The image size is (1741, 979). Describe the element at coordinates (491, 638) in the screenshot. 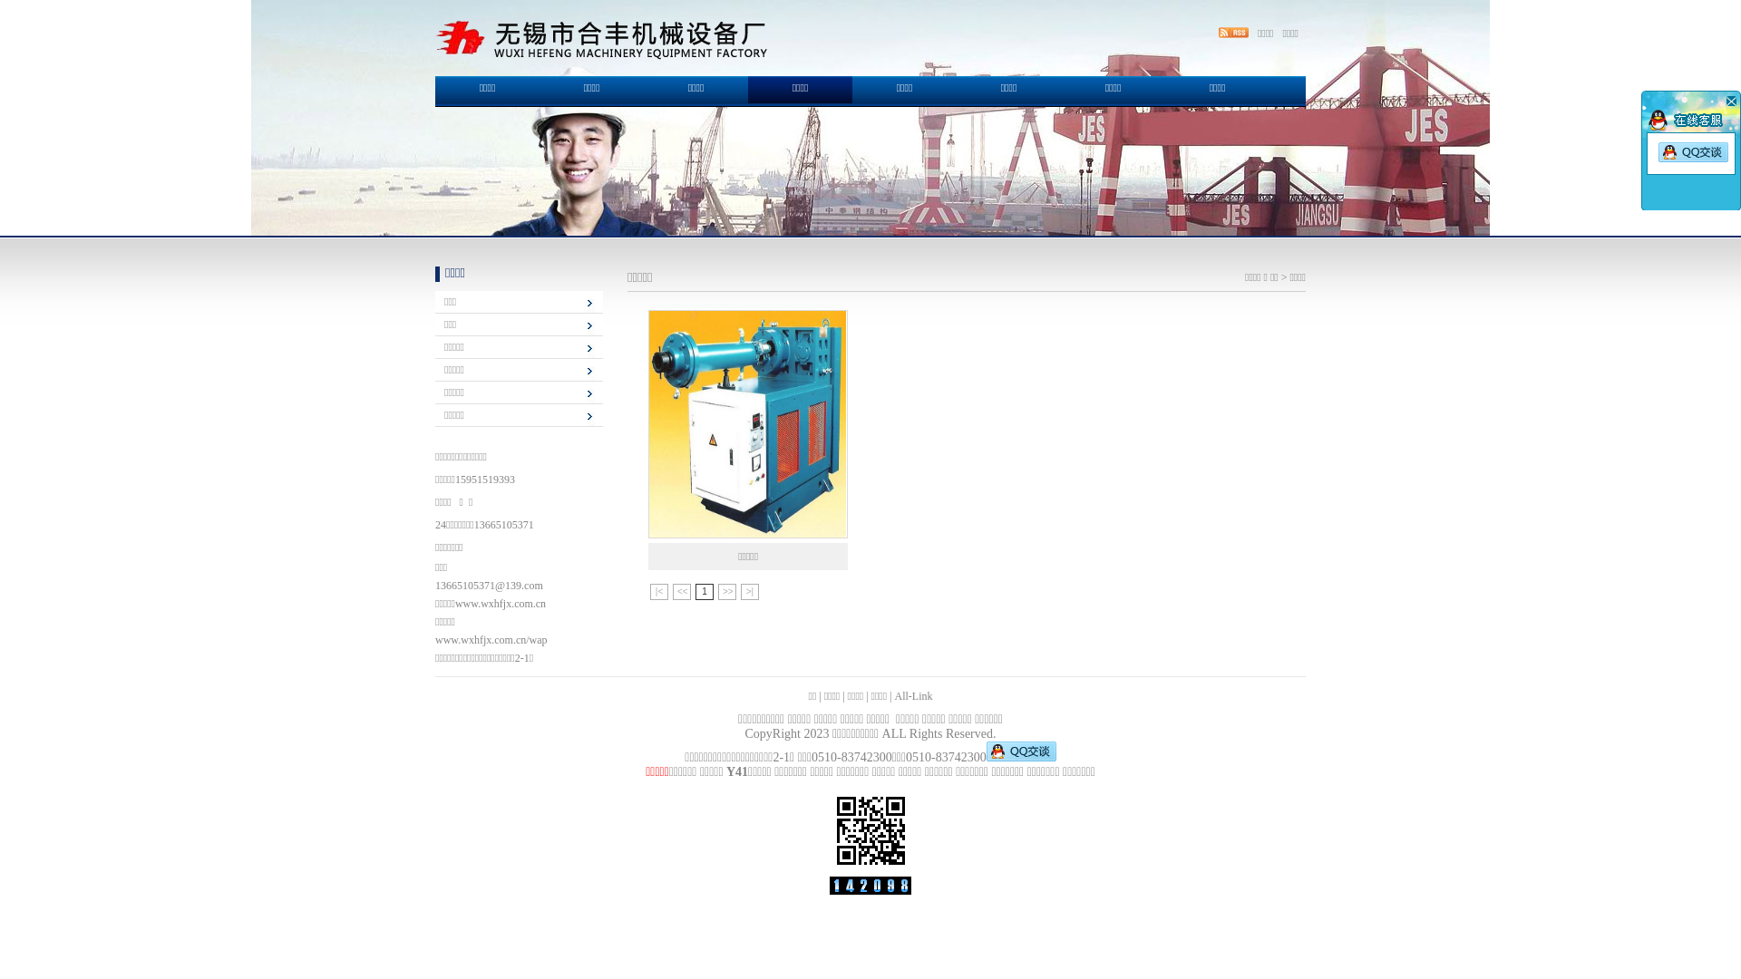

I see `'www.wxhfjx.com.cn/wap'` at that location.